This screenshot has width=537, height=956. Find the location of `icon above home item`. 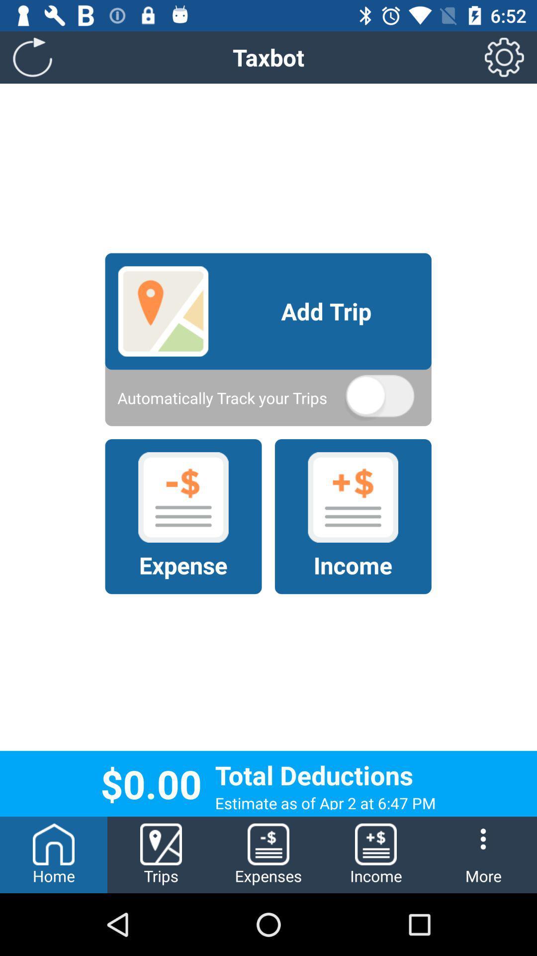

icon above home item is located at coordinates (32, 57).